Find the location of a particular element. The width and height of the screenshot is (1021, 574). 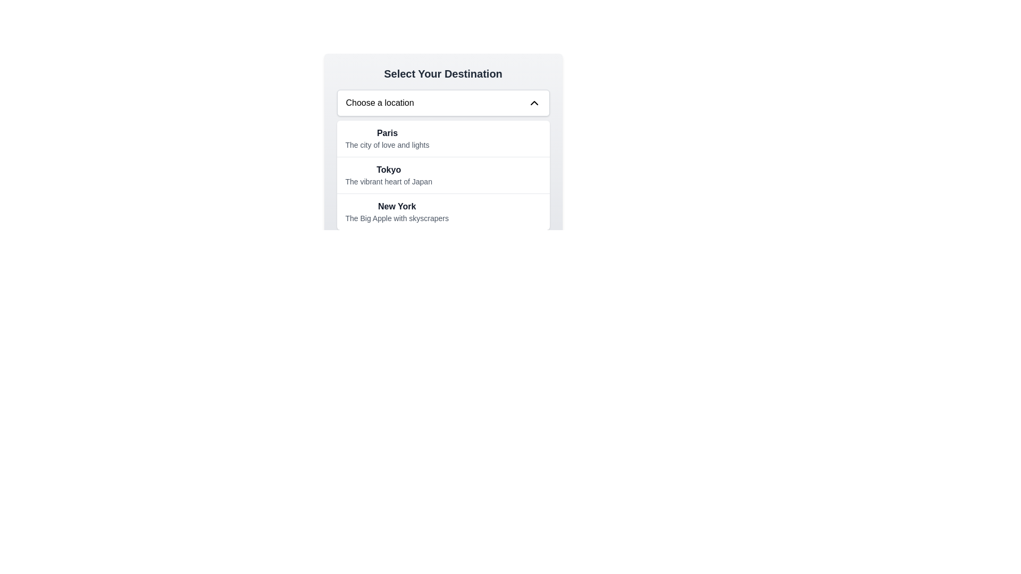

the option list item displaying 'Tokyo' is located at coordinates (443, 174).